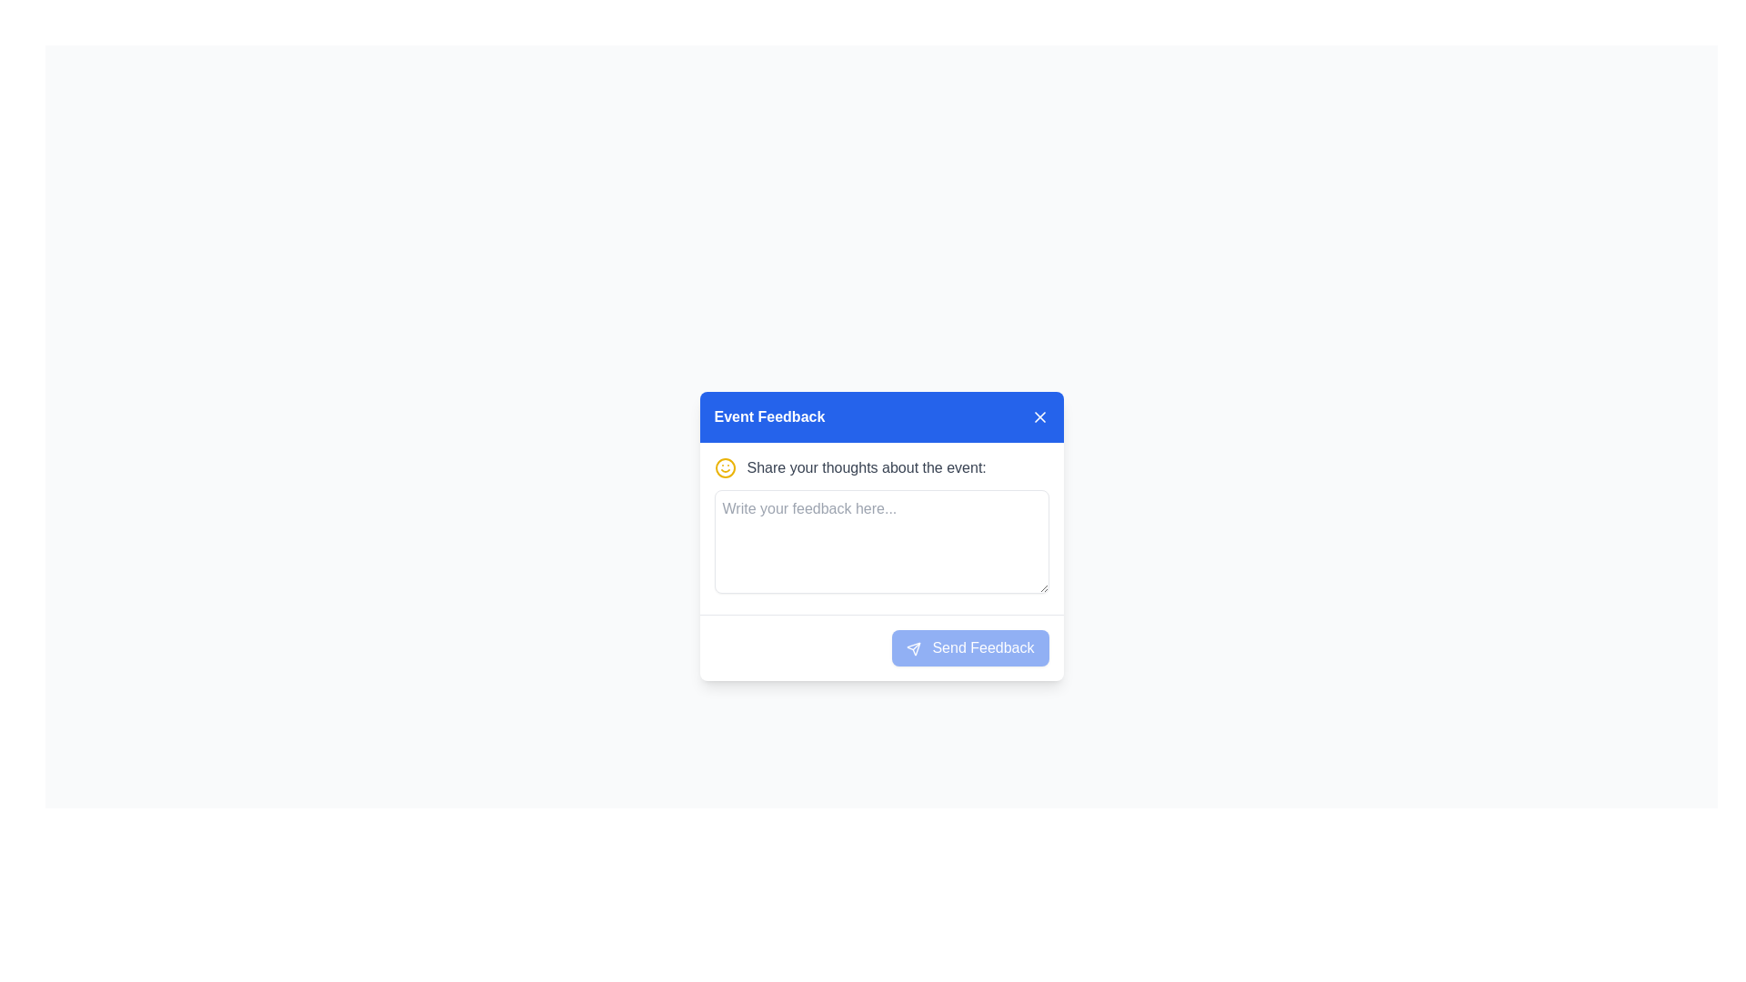 The width and height of the screenshot is (1746, 982). What do you see at coordinates (1039, 417) in the screenshot?
I see `the close button in the top-right corner of the dialog box` at bounding box center [1039, 417].